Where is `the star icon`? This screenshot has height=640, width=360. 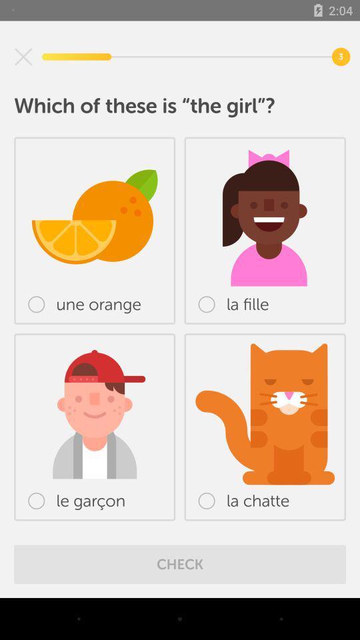
the star icon is located at coordinates (23, 57).